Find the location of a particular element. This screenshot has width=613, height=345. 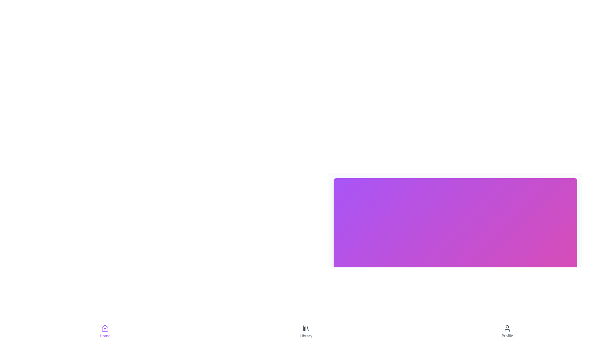

the library icon located in the central section of the bottom navigation bar is located at coordinates (306, 328).